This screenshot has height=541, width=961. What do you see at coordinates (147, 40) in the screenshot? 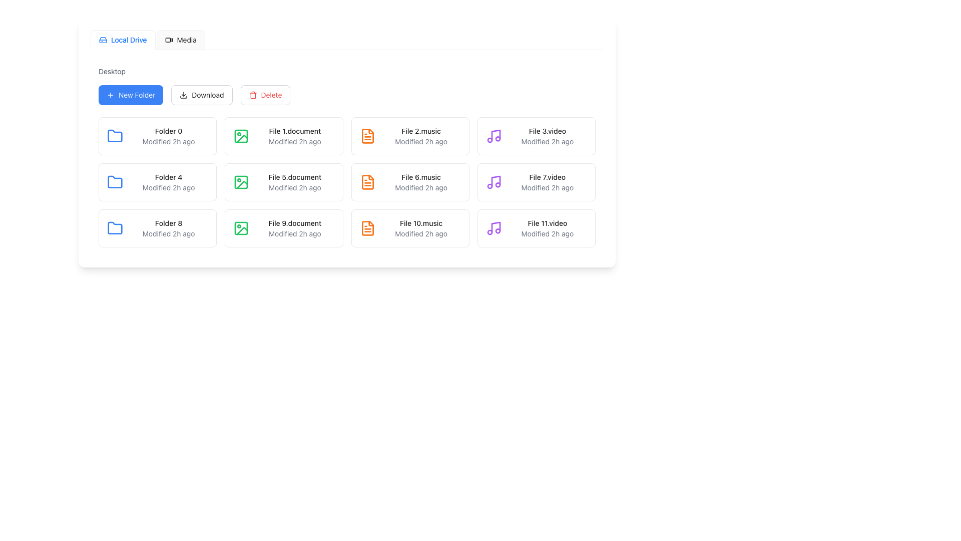
I see `the 'Local Drive' tab in the horizontal tab navigation` at bounding box center [147, 40].